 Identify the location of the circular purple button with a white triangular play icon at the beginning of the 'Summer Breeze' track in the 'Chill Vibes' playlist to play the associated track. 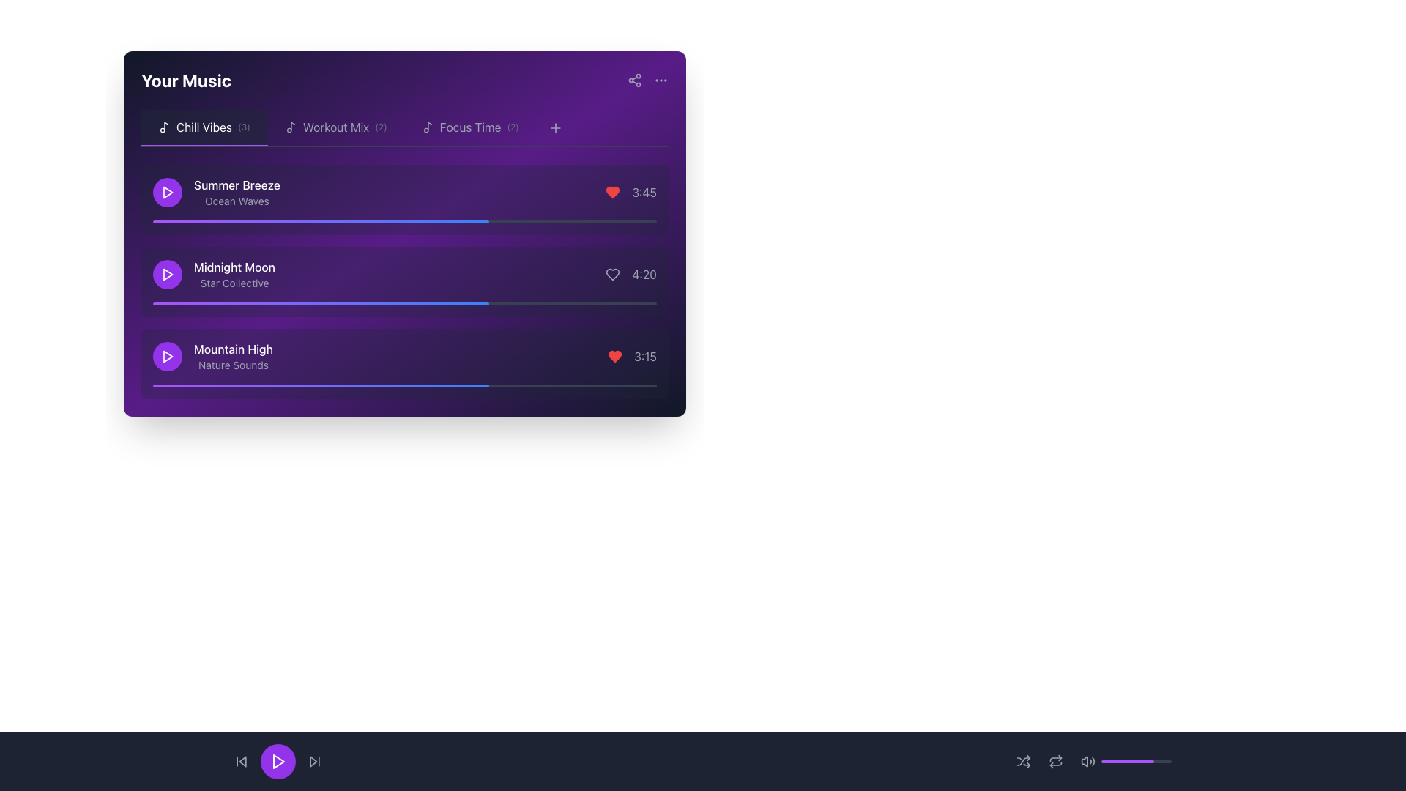
(168, 191).